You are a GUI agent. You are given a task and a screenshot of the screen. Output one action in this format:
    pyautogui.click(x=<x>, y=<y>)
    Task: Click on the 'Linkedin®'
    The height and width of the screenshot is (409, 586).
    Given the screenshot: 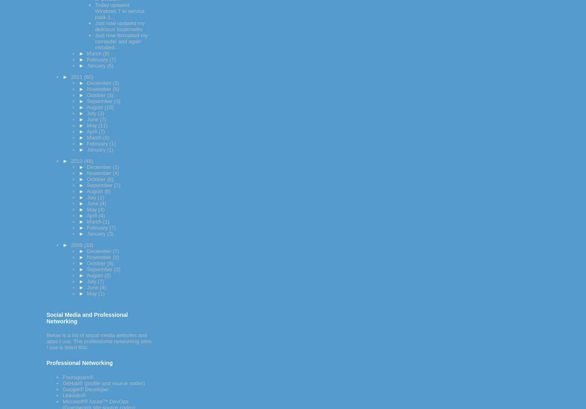 What is the action you would take?
    pyautogui.click(x=74, y=395)
    